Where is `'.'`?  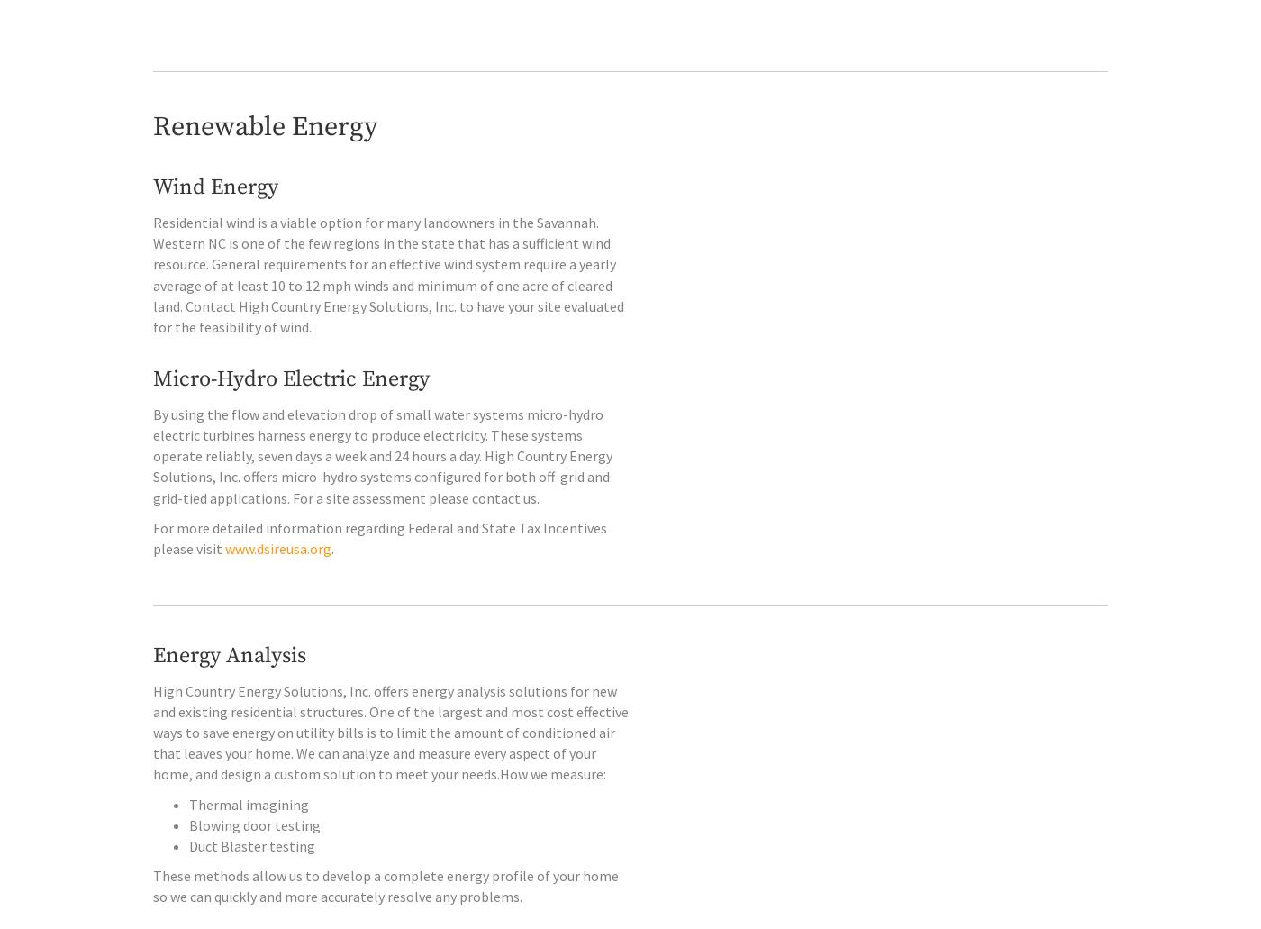 '.' is located at coordinates (332, 586).